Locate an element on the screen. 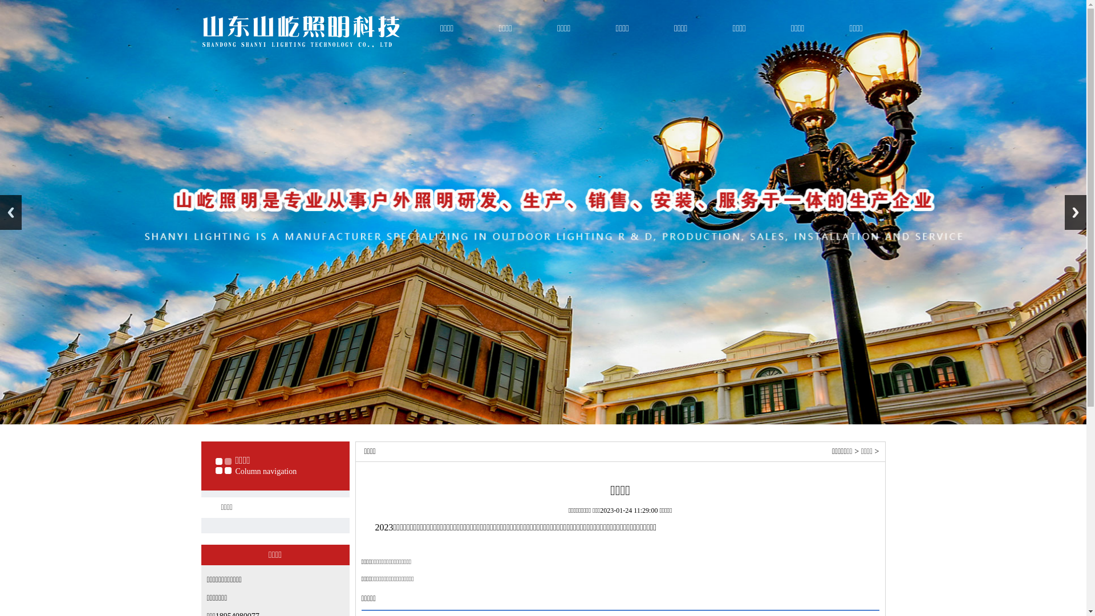  'Previous' is located at coordinates (11, 212).